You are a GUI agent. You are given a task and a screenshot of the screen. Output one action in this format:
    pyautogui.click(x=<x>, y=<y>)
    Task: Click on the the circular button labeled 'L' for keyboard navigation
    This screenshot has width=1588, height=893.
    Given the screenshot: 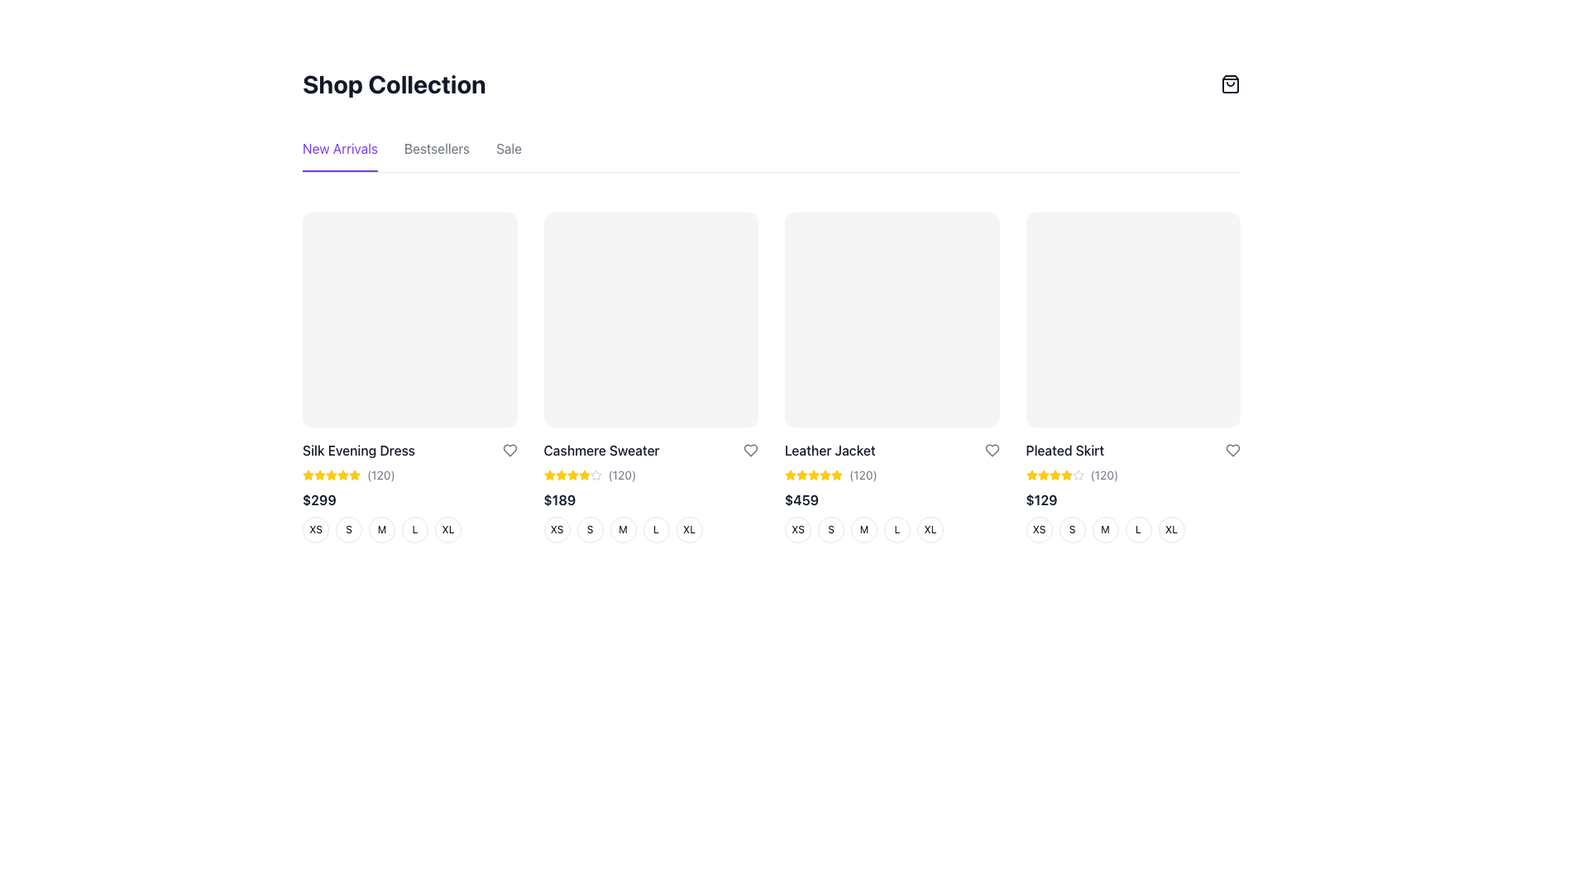 What is the action you would take?
    pyautogui.click(x=650, y=529)
    